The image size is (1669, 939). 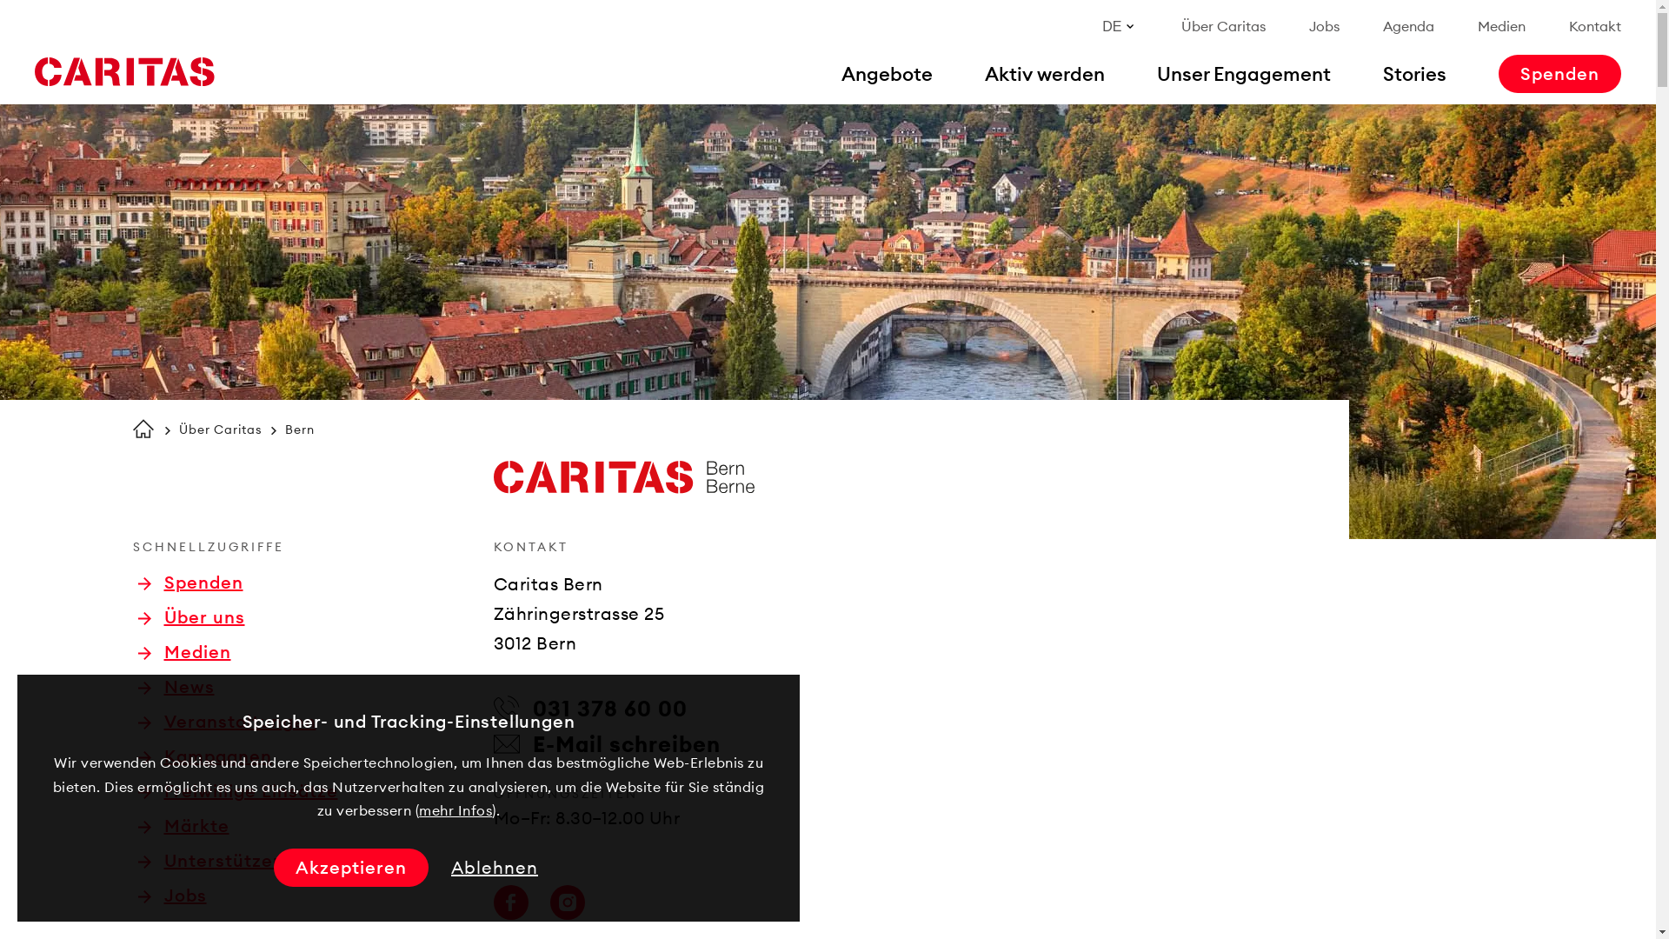 I want to click on 'Angebote', so click(x=887, y=72).